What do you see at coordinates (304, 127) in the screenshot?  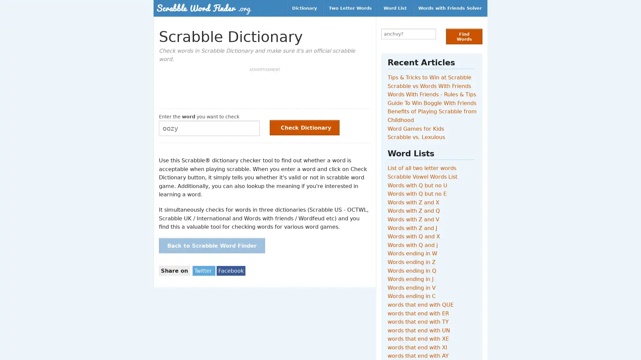 I see `Check Dictionary` at bounding box center [304, 127].